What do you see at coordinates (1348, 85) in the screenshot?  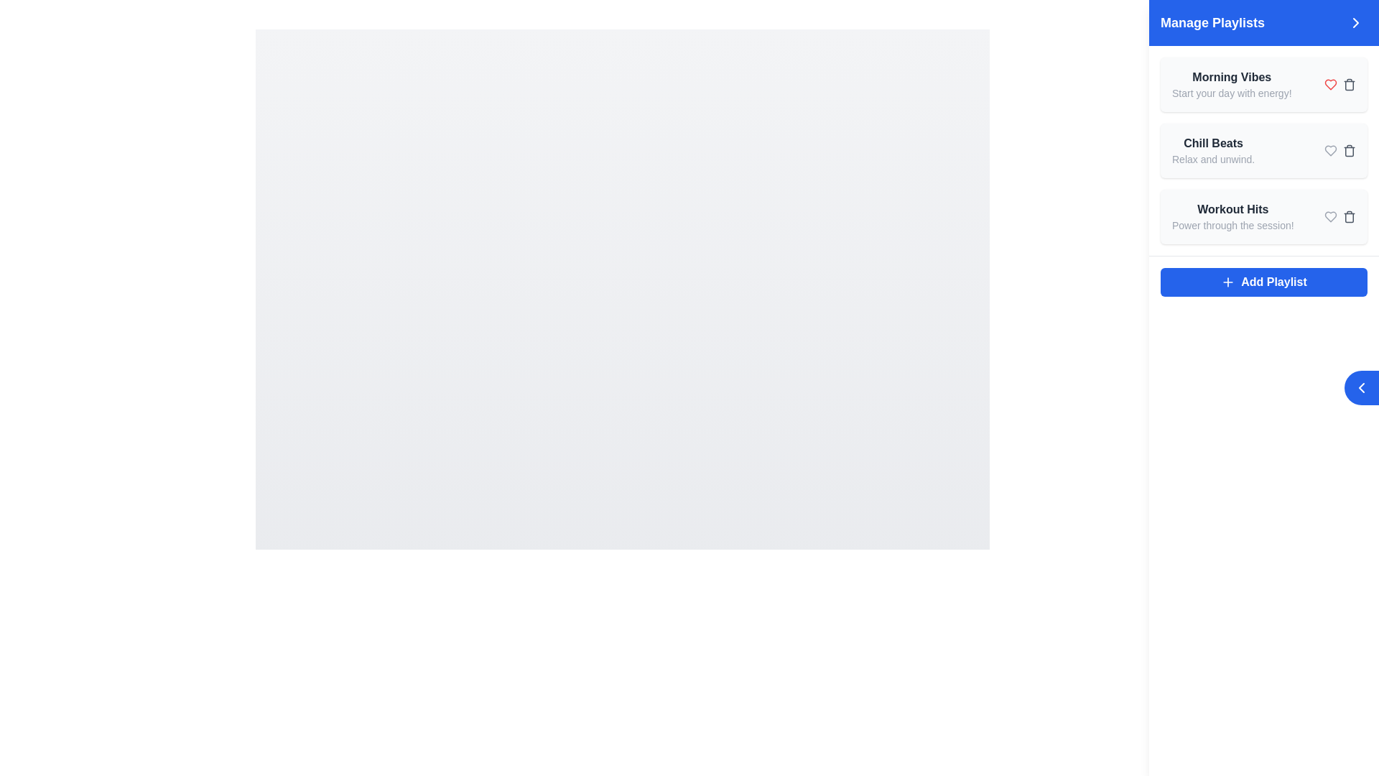 I see `the delete button with a trash can icon located on the right side of the 'Morning Vibes' playlist row` at bounding box center [1348, 85].